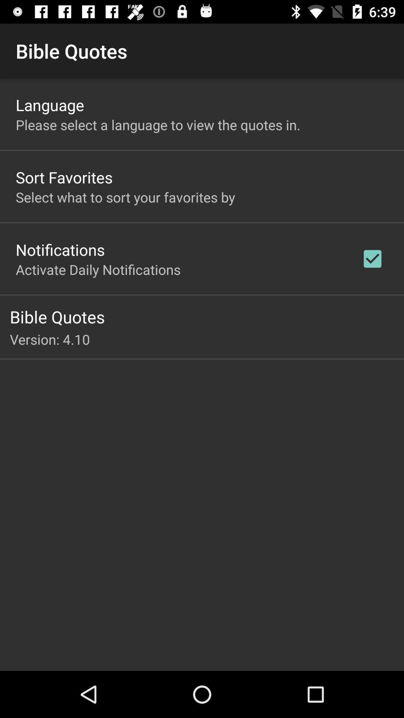  I want to click on the please select a icon, so click(157, 125).